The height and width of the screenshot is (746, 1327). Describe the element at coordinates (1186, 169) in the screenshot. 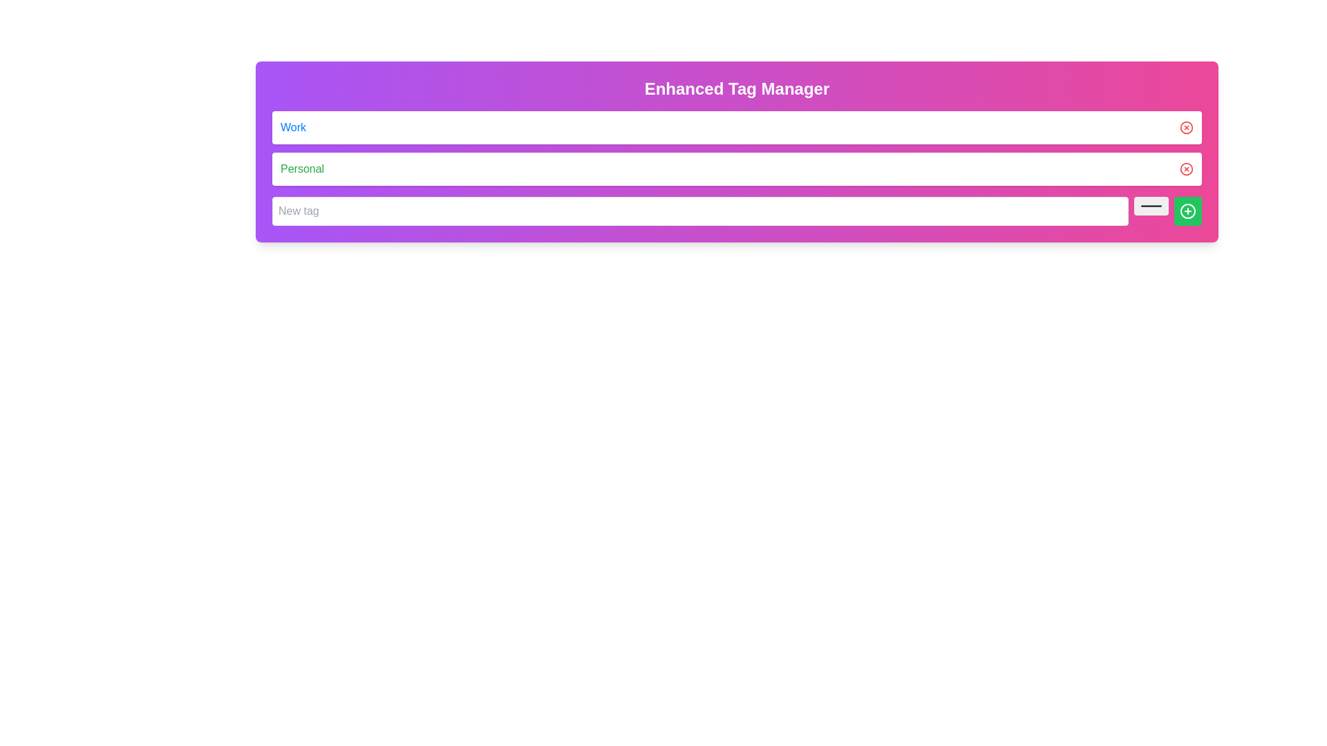

I see `the circular red status icon located to the right of the 'Personal' input in the 'Enhanced Tag Manager' interface` at that location.